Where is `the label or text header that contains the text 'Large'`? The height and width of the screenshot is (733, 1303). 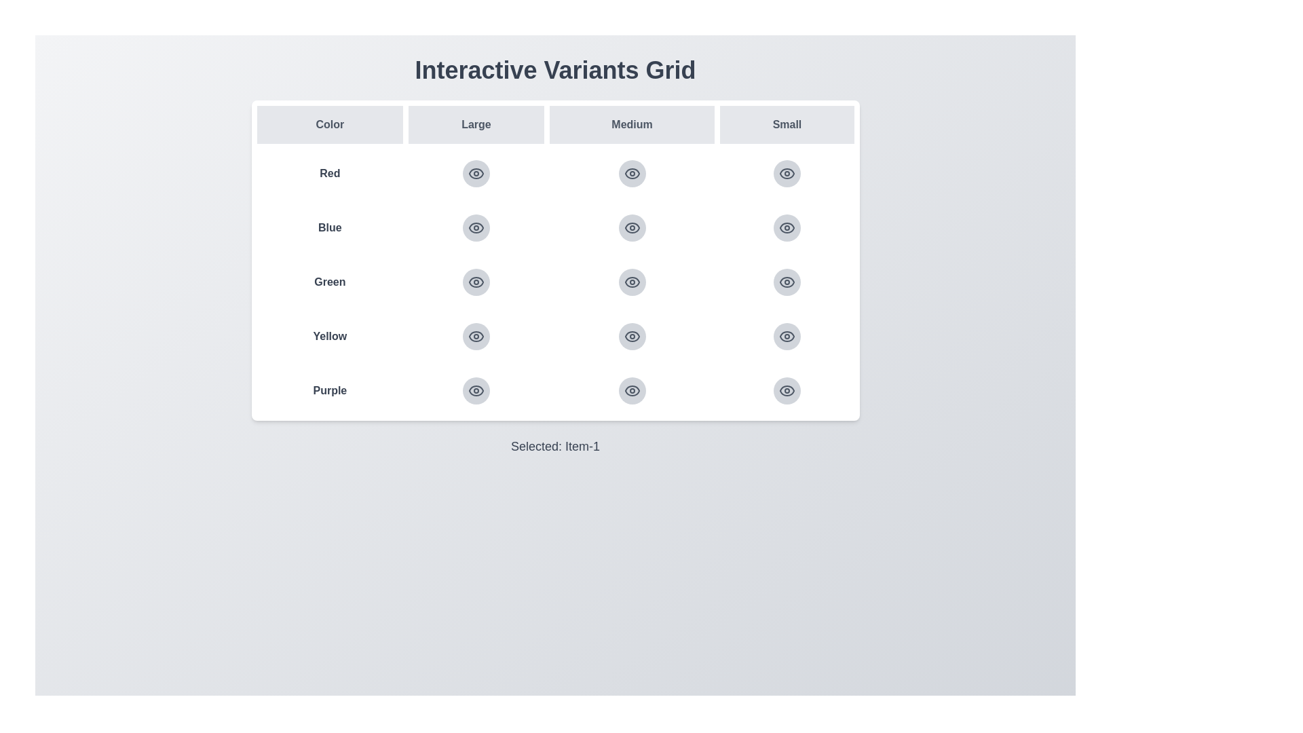
the label or text header that contains the text 'Large' is located at coordinates (476, 125).